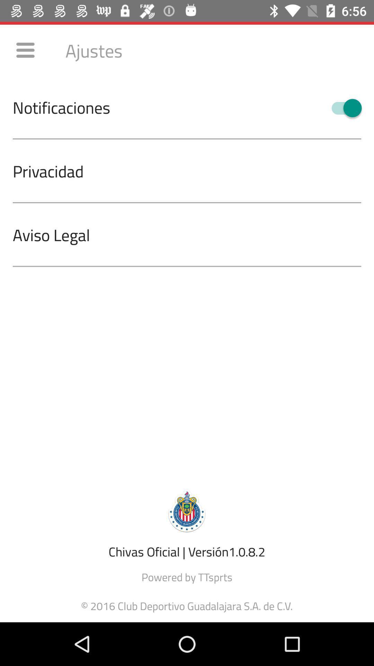 This screenshot has height=666, width=374. Describe the element at coordinates (193, 234) in the screenshot. I see `aviso legal icon` at that location.